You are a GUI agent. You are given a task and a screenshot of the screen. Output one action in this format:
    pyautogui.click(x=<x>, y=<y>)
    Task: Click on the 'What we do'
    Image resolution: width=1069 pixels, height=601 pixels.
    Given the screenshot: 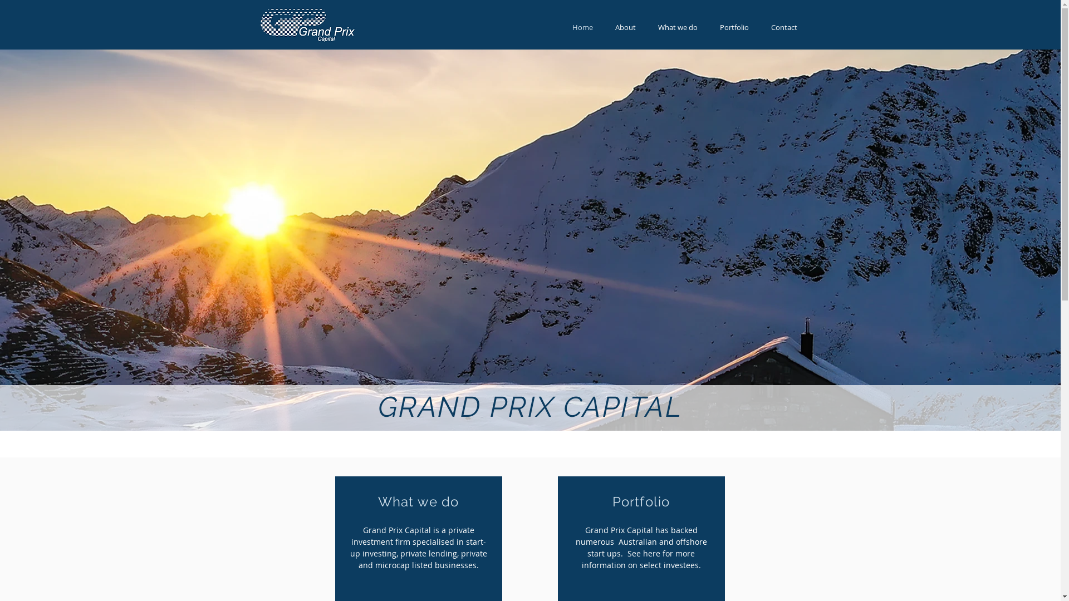 What is the action you would take?
    pyautogui.click(x=646, y=27)
    